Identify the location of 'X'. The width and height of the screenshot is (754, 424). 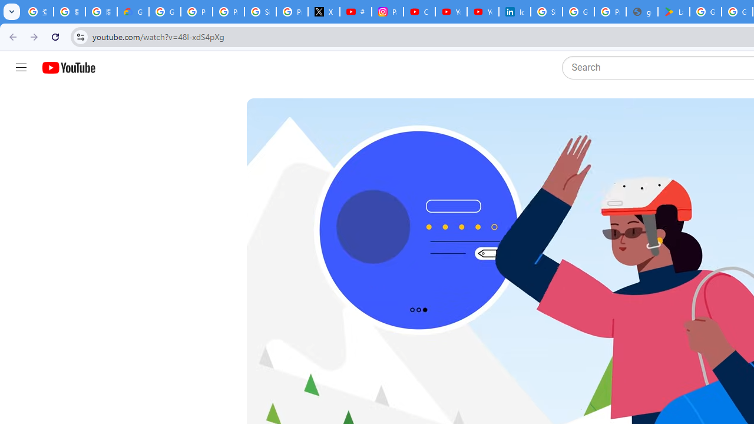
(324, 12).